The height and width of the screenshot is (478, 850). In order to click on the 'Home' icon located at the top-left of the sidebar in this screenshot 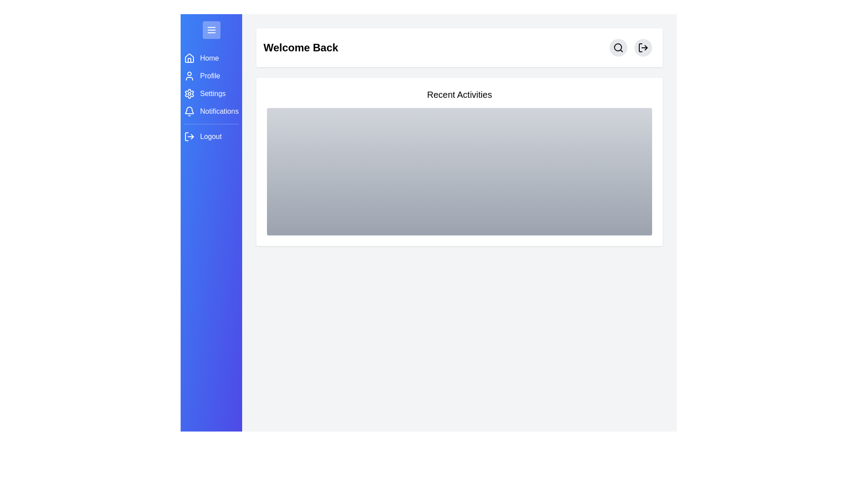, I will do `click(189, 58)`.